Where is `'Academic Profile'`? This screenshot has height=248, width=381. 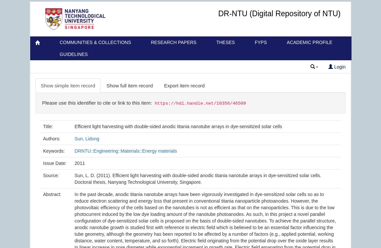 'Academic Profile' is located at coordinates (287, 42).